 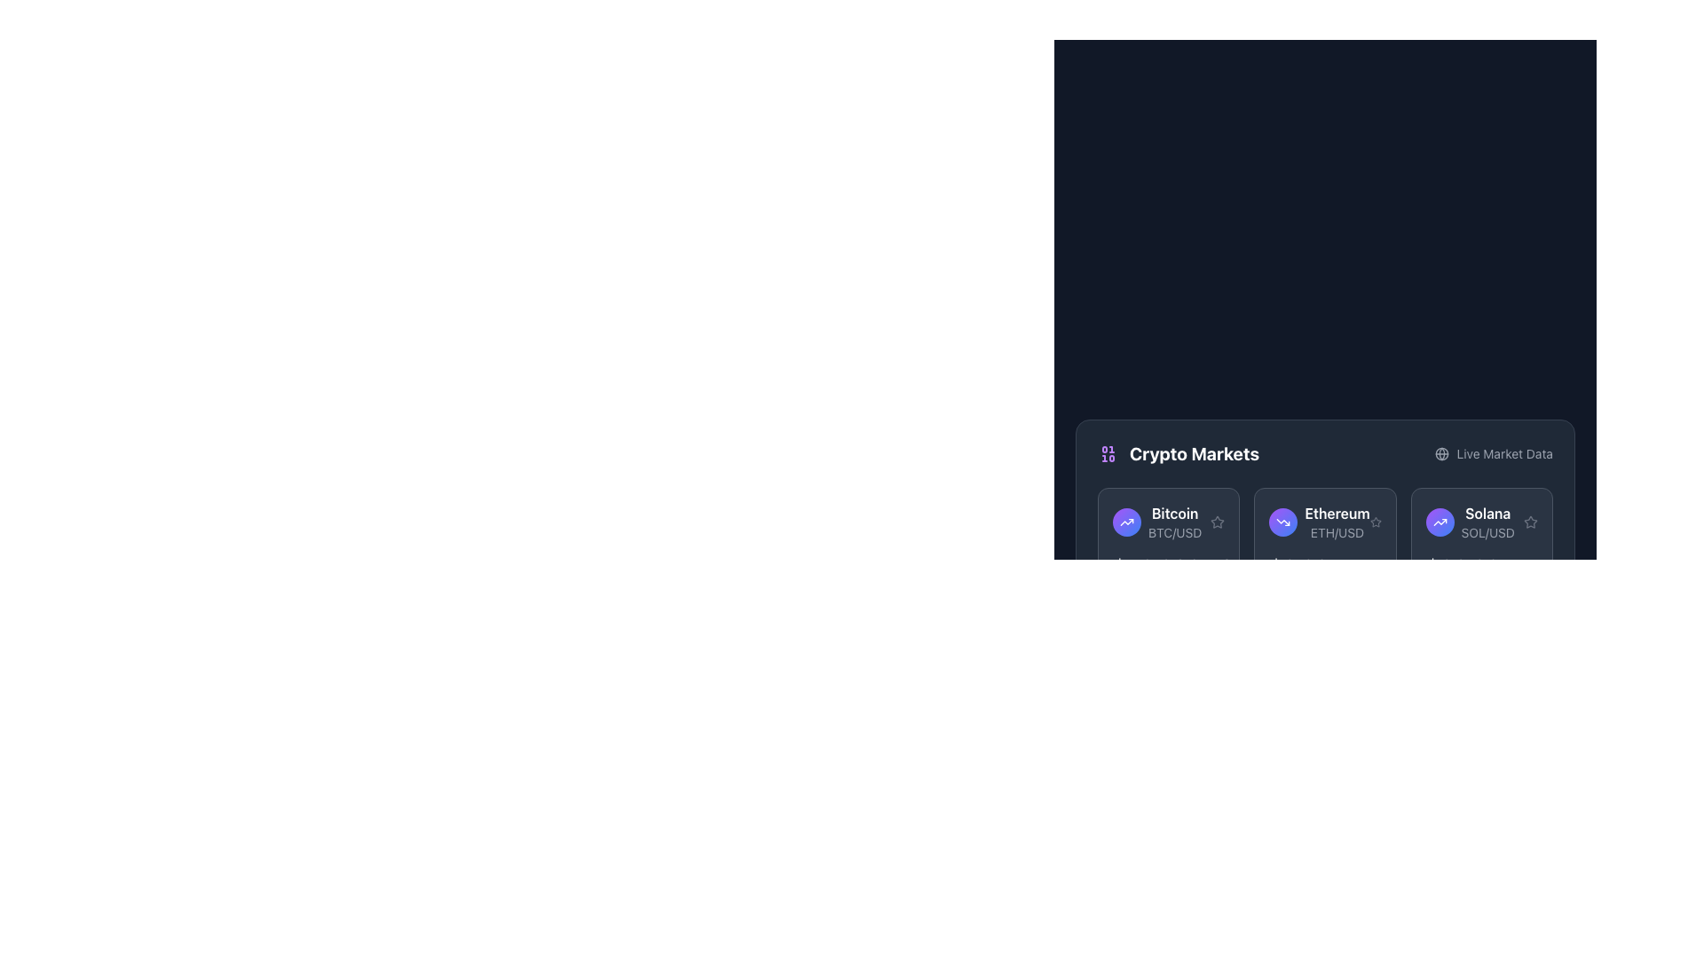 What do you see at coordinates (1321, 567) in the screenshot?
I see `the text label displaying the value '$2,284.75' in bold white font, located within the Ethereum ETH/USD card` at bounding box center [1321, 567].